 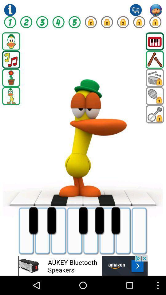 What do you see at coordinates (83, 265) in the screenshot?
I see `advertiment` at bounding box center [83, 265].